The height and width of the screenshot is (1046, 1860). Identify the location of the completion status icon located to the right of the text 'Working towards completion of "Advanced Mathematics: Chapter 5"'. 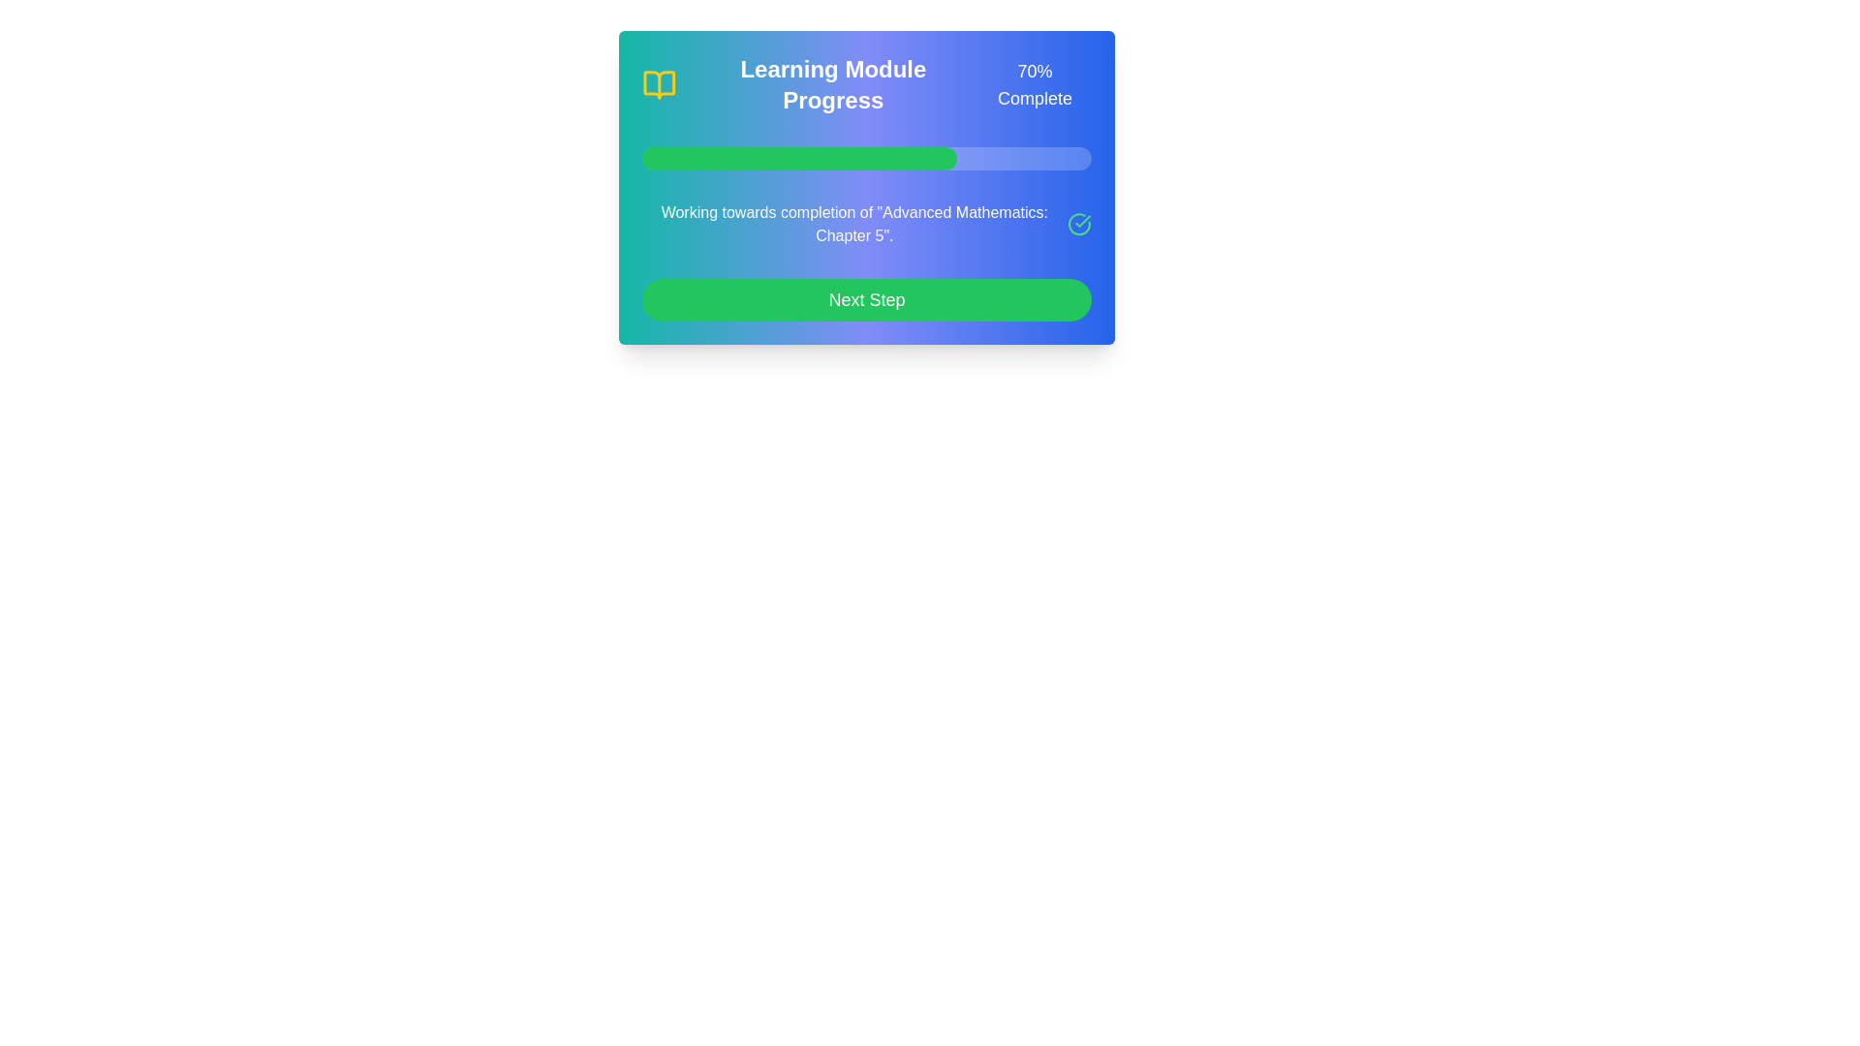
(1078, 223).